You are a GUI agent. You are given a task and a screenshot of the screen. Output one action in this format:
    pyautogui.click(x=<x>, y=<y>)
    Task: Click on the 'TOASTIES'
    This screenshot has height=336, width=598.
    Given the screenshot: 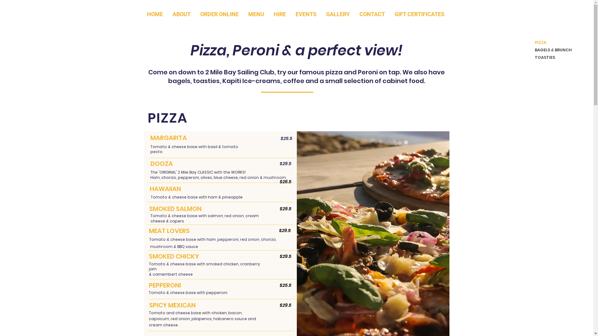 What is the action you would take?
    pyautogui.click(x=550, y=58)
    